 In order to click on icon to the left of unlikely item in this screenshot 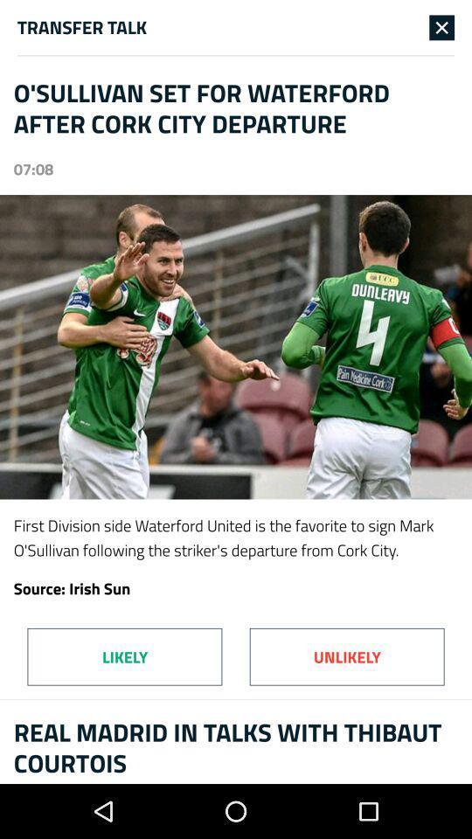, I will do `click(123, 655)`.